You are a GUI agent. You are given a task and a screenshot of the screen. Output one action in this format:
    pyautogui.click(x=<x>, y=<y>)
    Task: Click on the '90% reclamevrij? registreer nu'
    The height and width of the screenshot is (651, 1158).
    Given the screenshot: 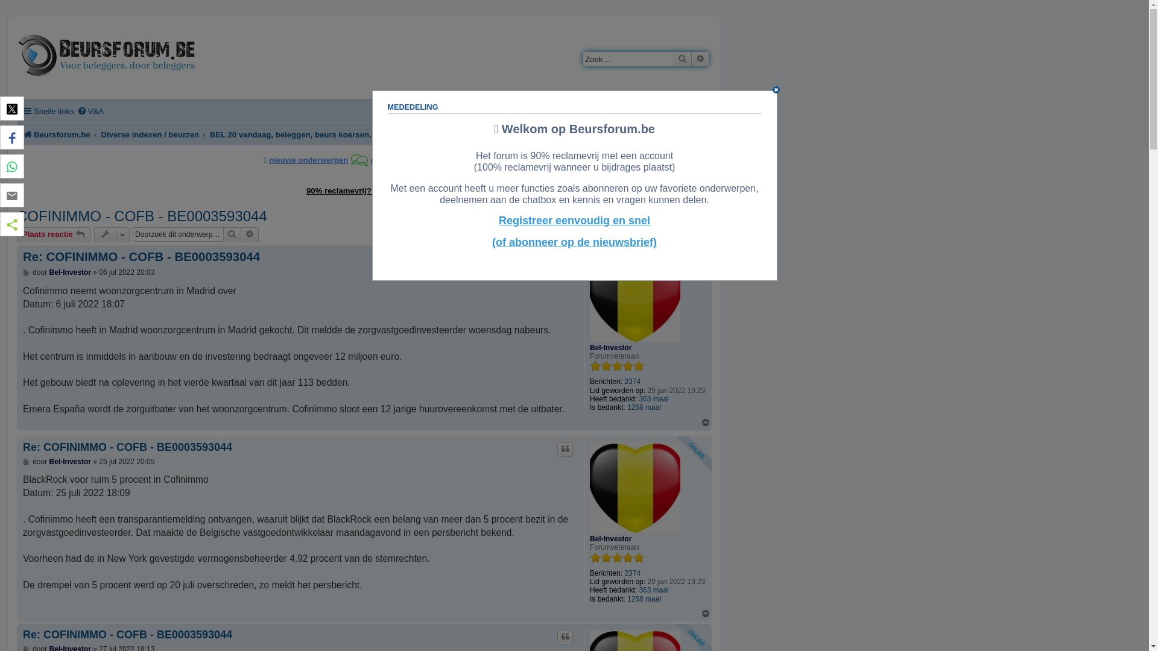 What is the action you would take?
    pyautogui.click(x=364, y=190)
    